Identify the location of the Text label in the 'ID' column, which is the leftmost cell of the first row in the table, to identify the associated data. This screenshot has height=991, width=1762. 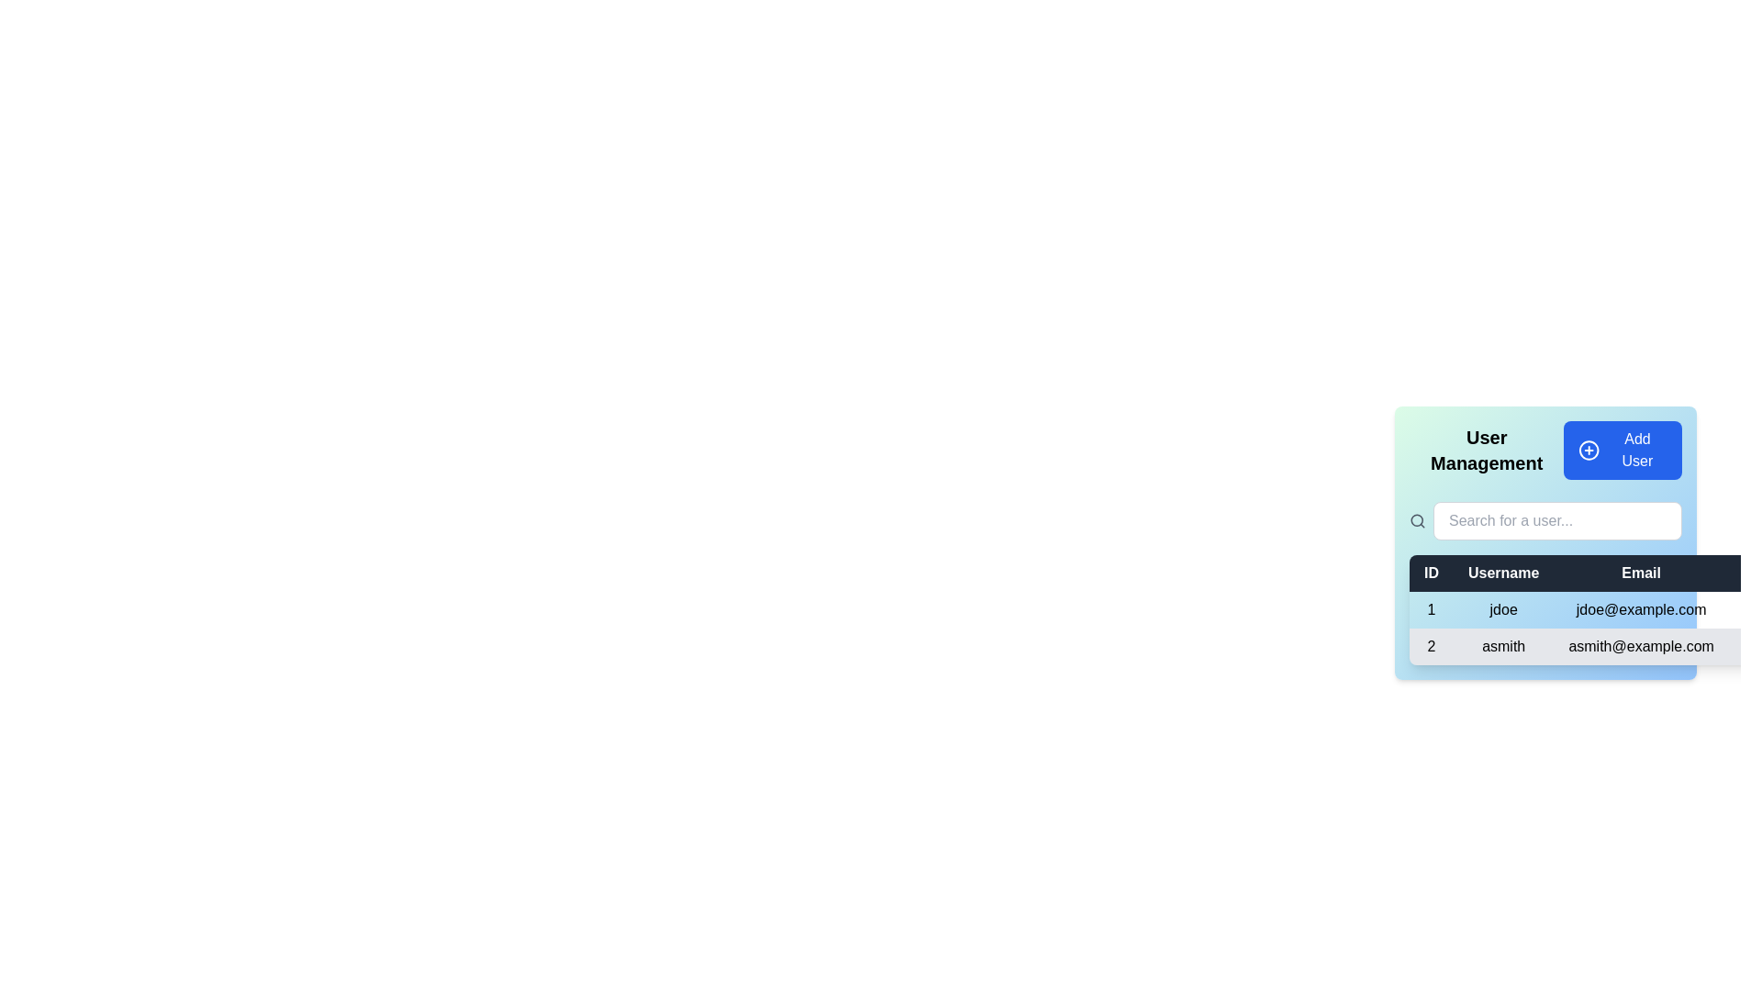
(1431, 609).